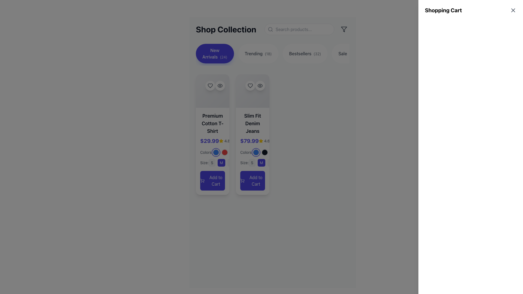 Image resolution: width=523 pixels, height=294 pixels. Describe the element at coordinates (212, 124) in the screenshot. I see `the text label reading 'Premium Cotton T-Shirt', which is styled with a medium-to-large font size and bold weight, located at the top of the product card` at that location.